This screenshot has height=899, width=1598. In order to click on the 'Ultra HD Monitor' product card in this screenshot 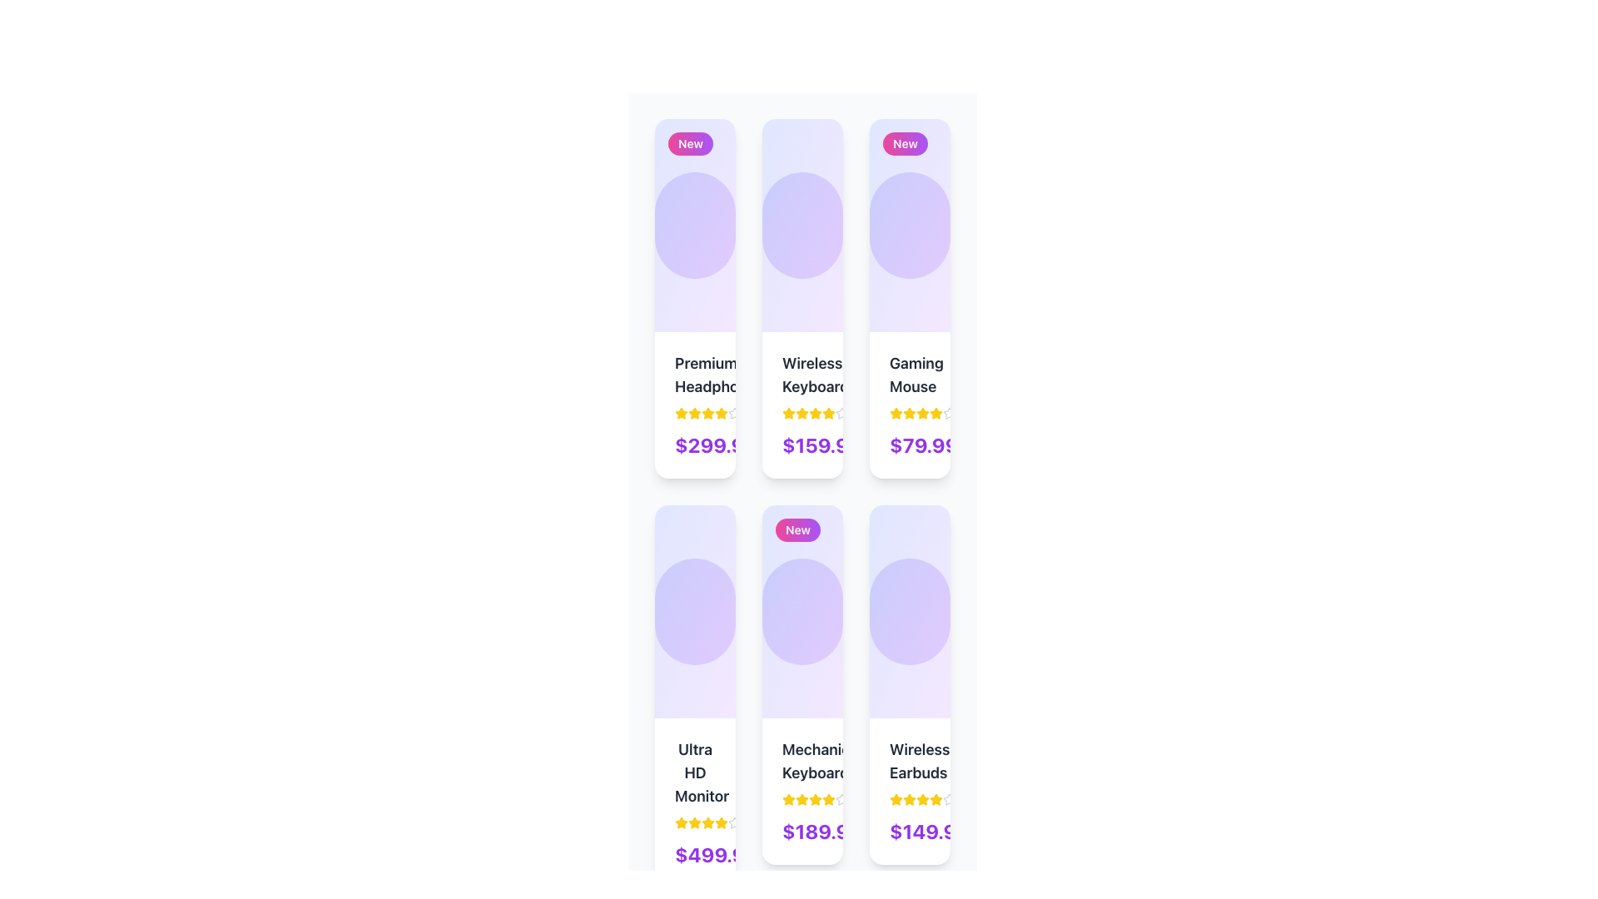, I will do `click(695, 697)`.